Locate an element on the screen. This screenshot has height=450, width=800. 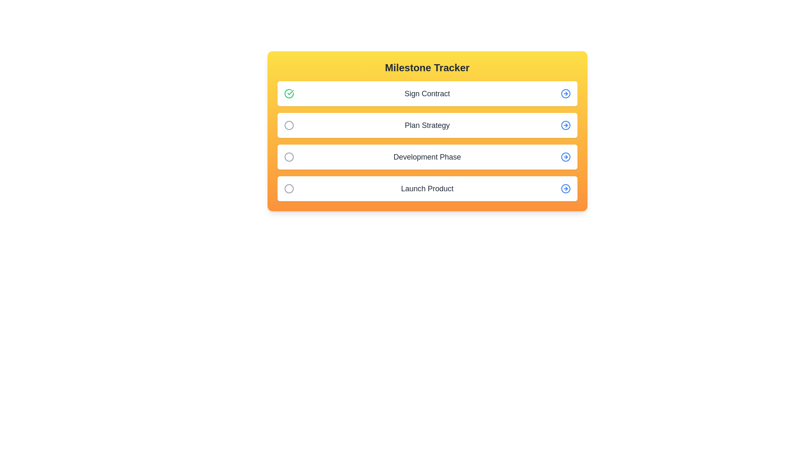
the circular outline and arrow icon located to the right of the 'Plan Strategy' item in the vertically stacked list is located at coordinates (565, 125).